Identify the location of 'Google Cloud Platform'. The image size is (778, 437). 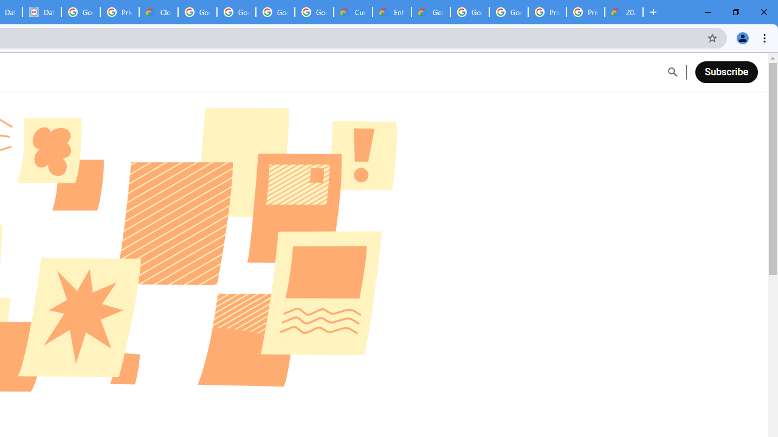
(469, 12).